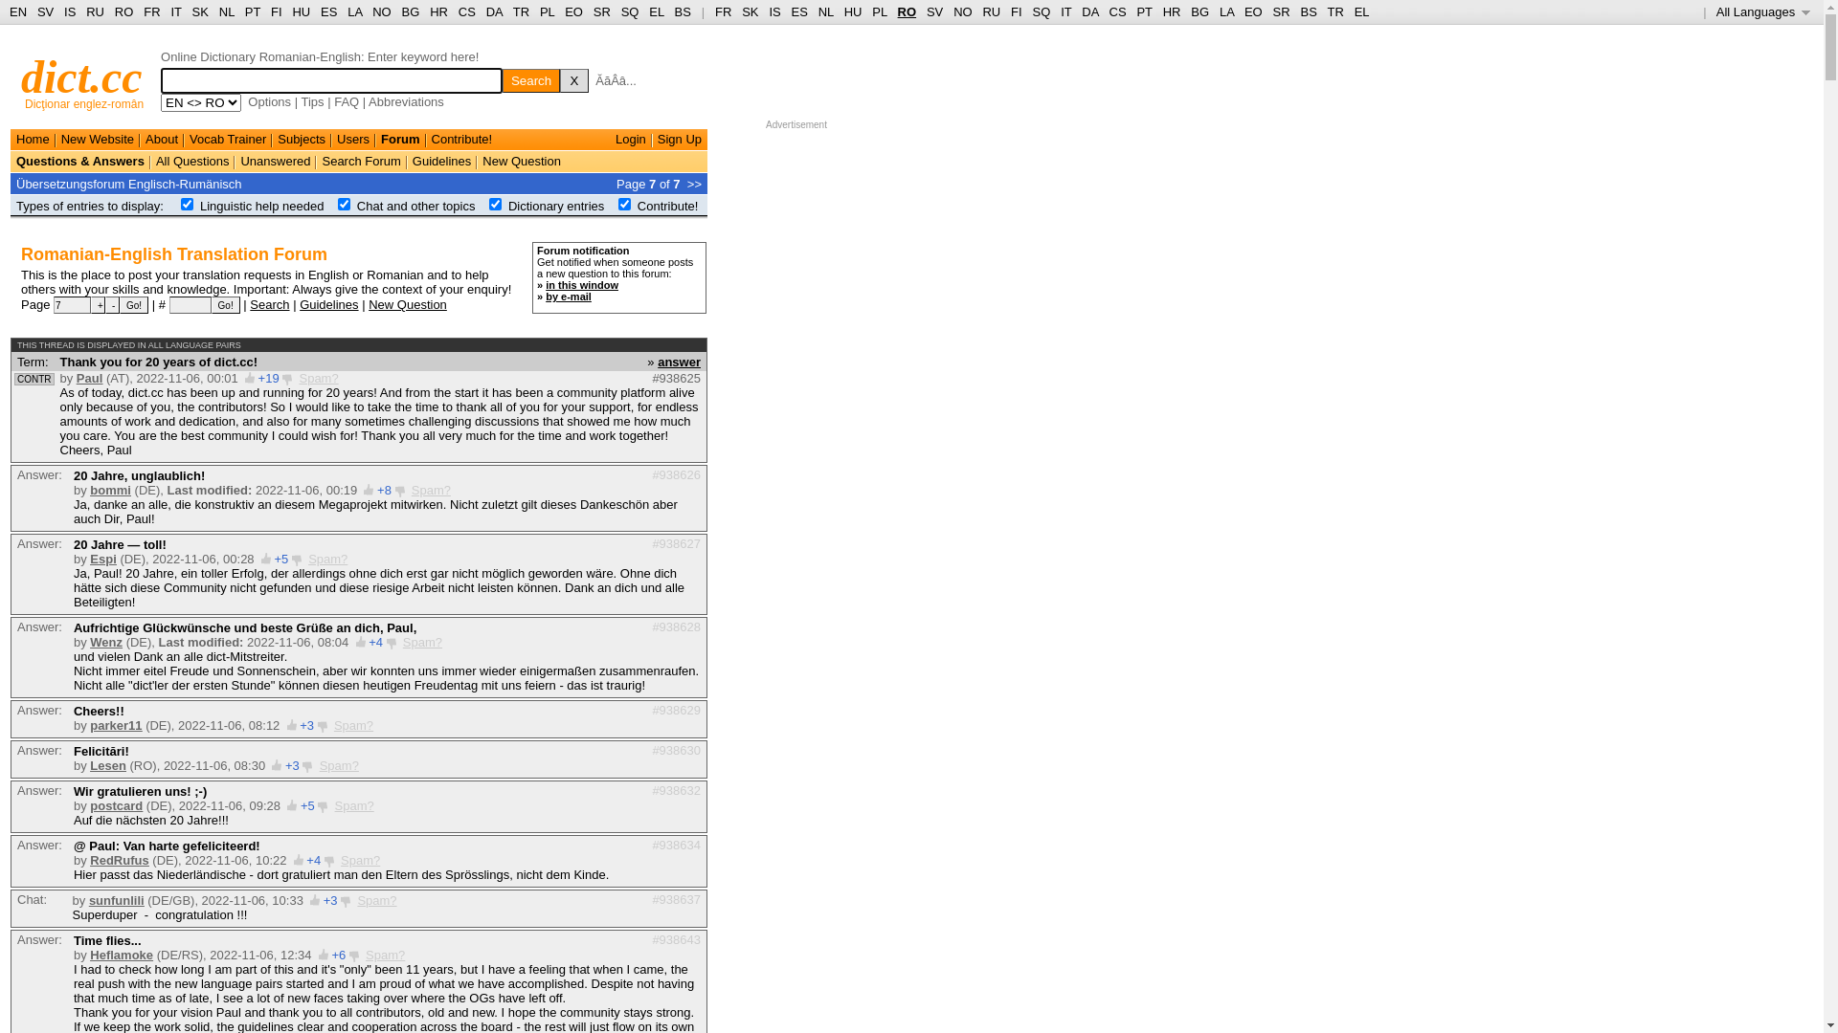  What do you see at coordinates (381, 11) in the screenshot?
I see `'NO'` at bounding box center [381, 11].